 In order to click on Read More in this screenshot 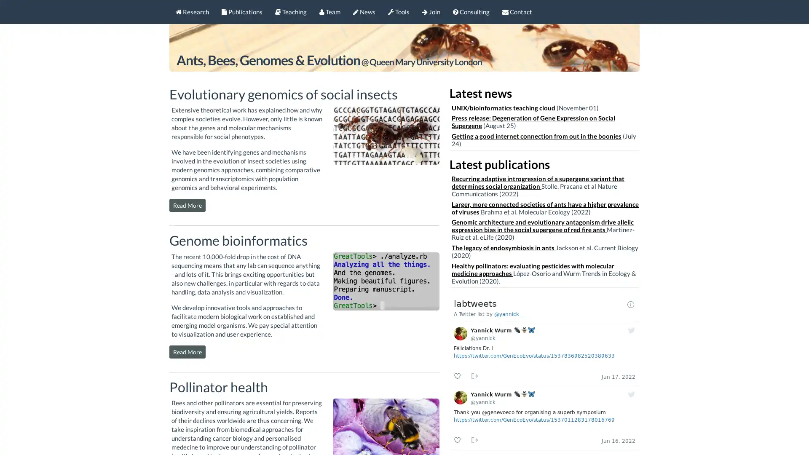, I will do `click(187, 351)`.